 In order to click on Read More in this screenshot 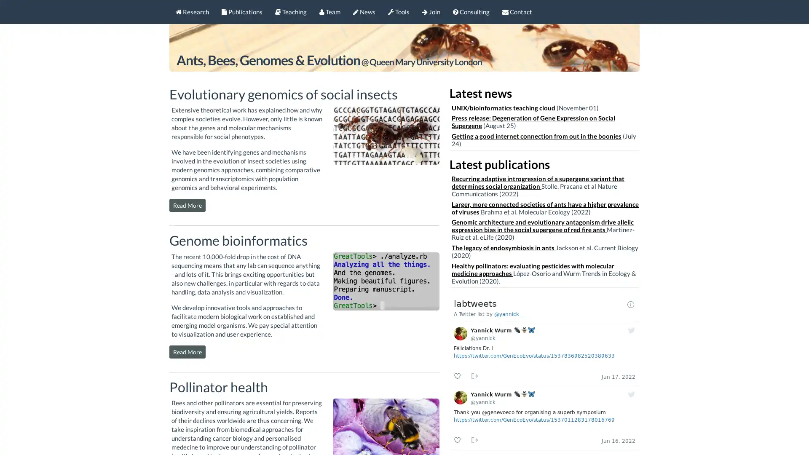, I will do `click(187, 351)`.